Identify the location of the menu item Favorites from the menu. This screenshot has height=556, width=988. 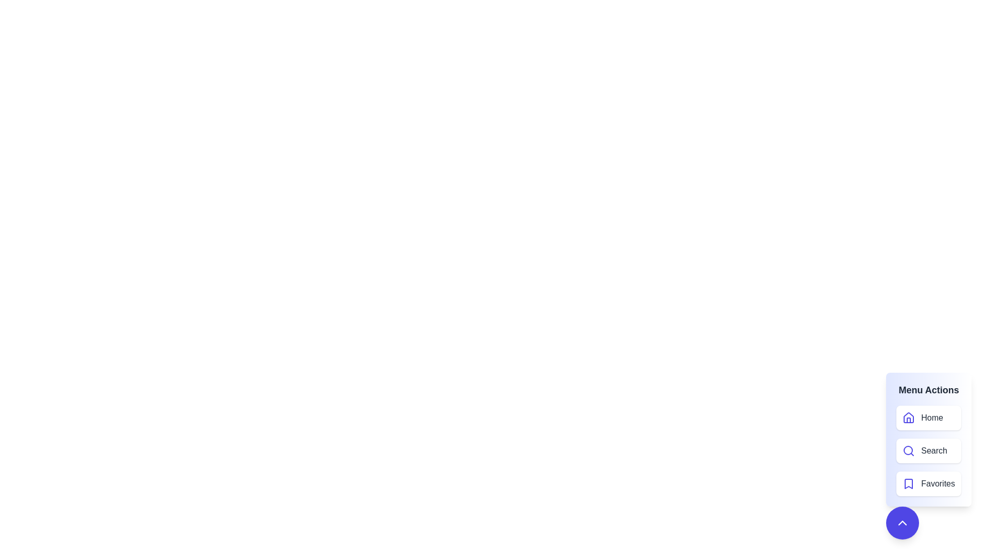
(928, 484).